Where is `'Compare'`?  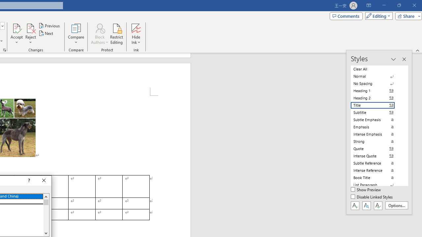 'Compare' is located at coordinates (76, 34).